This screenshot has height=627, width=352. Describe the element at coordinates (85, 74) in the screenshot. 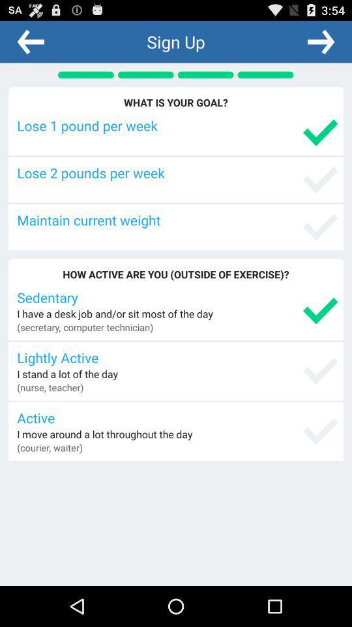

I see `page indicator icon` at that location.